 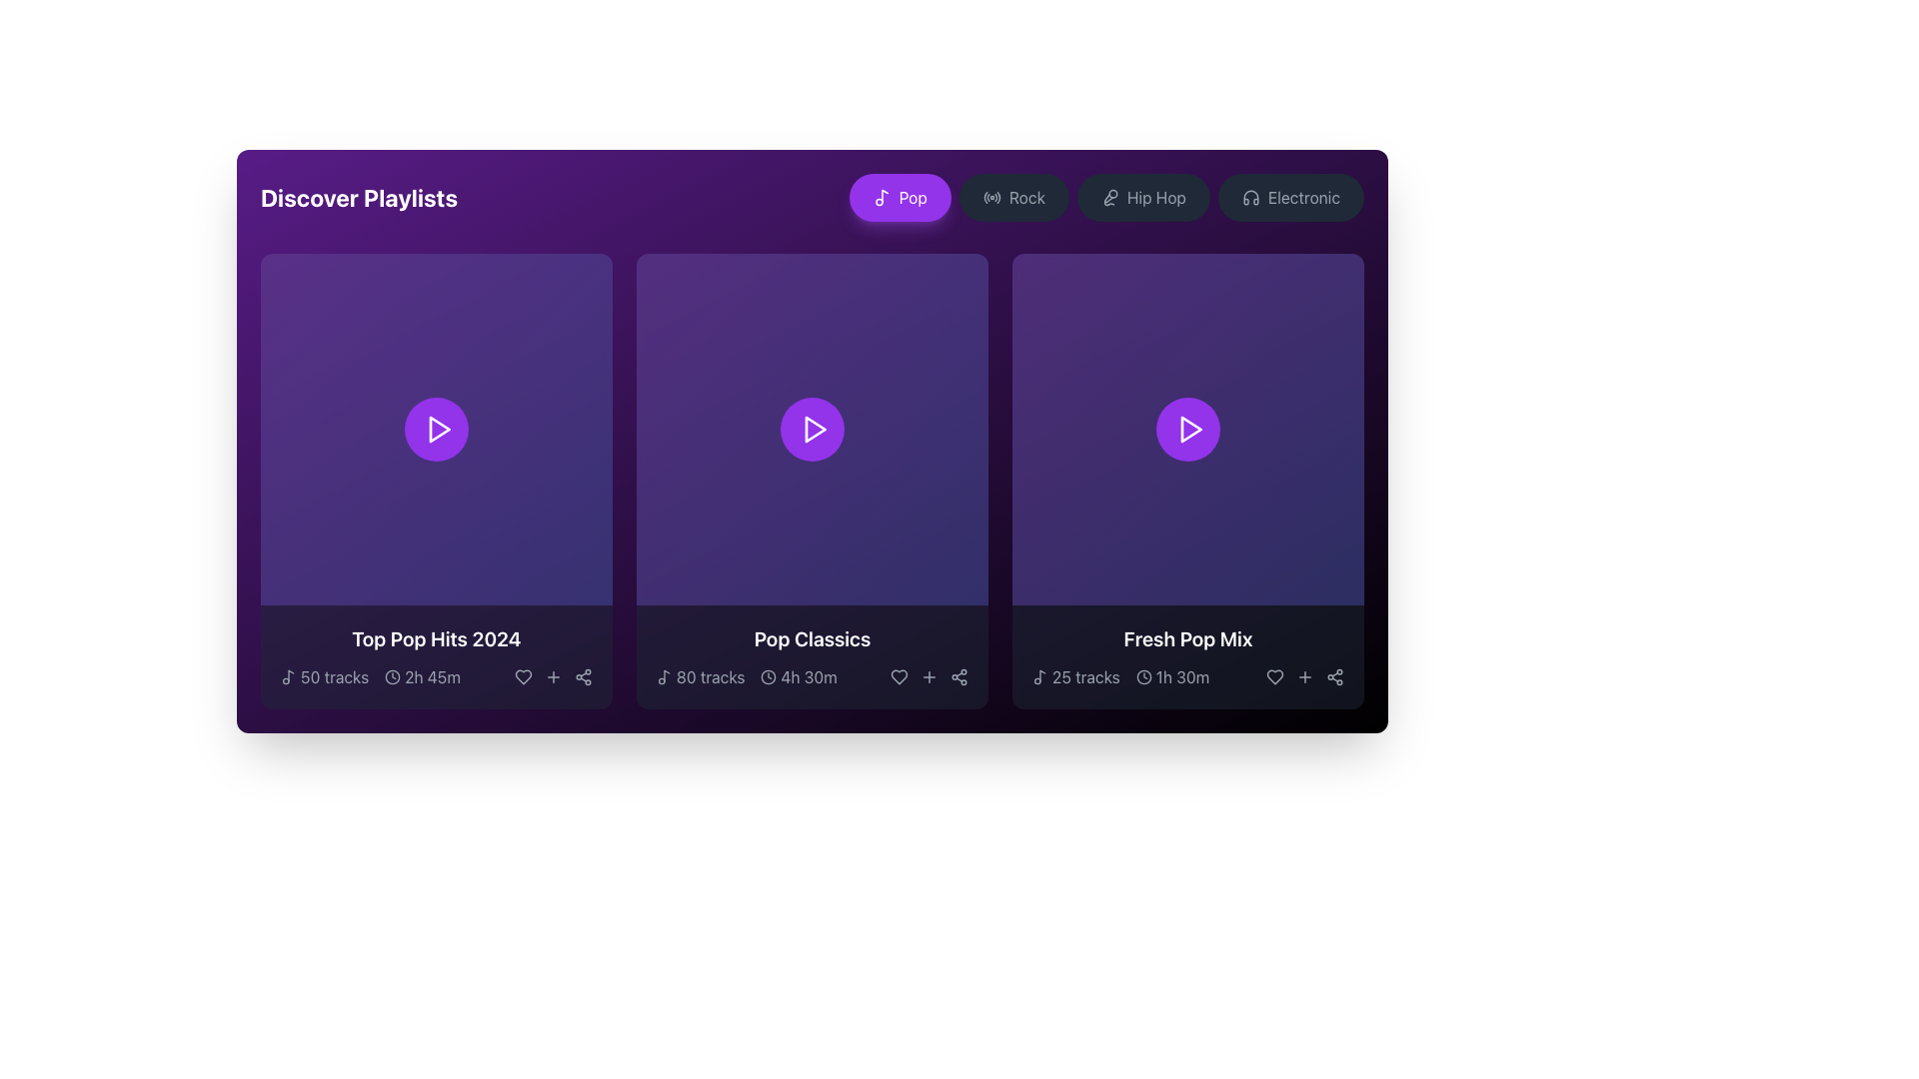 I want to click on the play icon graphic in the first card of the 'Discover Playlists' section to trigger any potential animations or tooltips, so click(x=439, y=428).